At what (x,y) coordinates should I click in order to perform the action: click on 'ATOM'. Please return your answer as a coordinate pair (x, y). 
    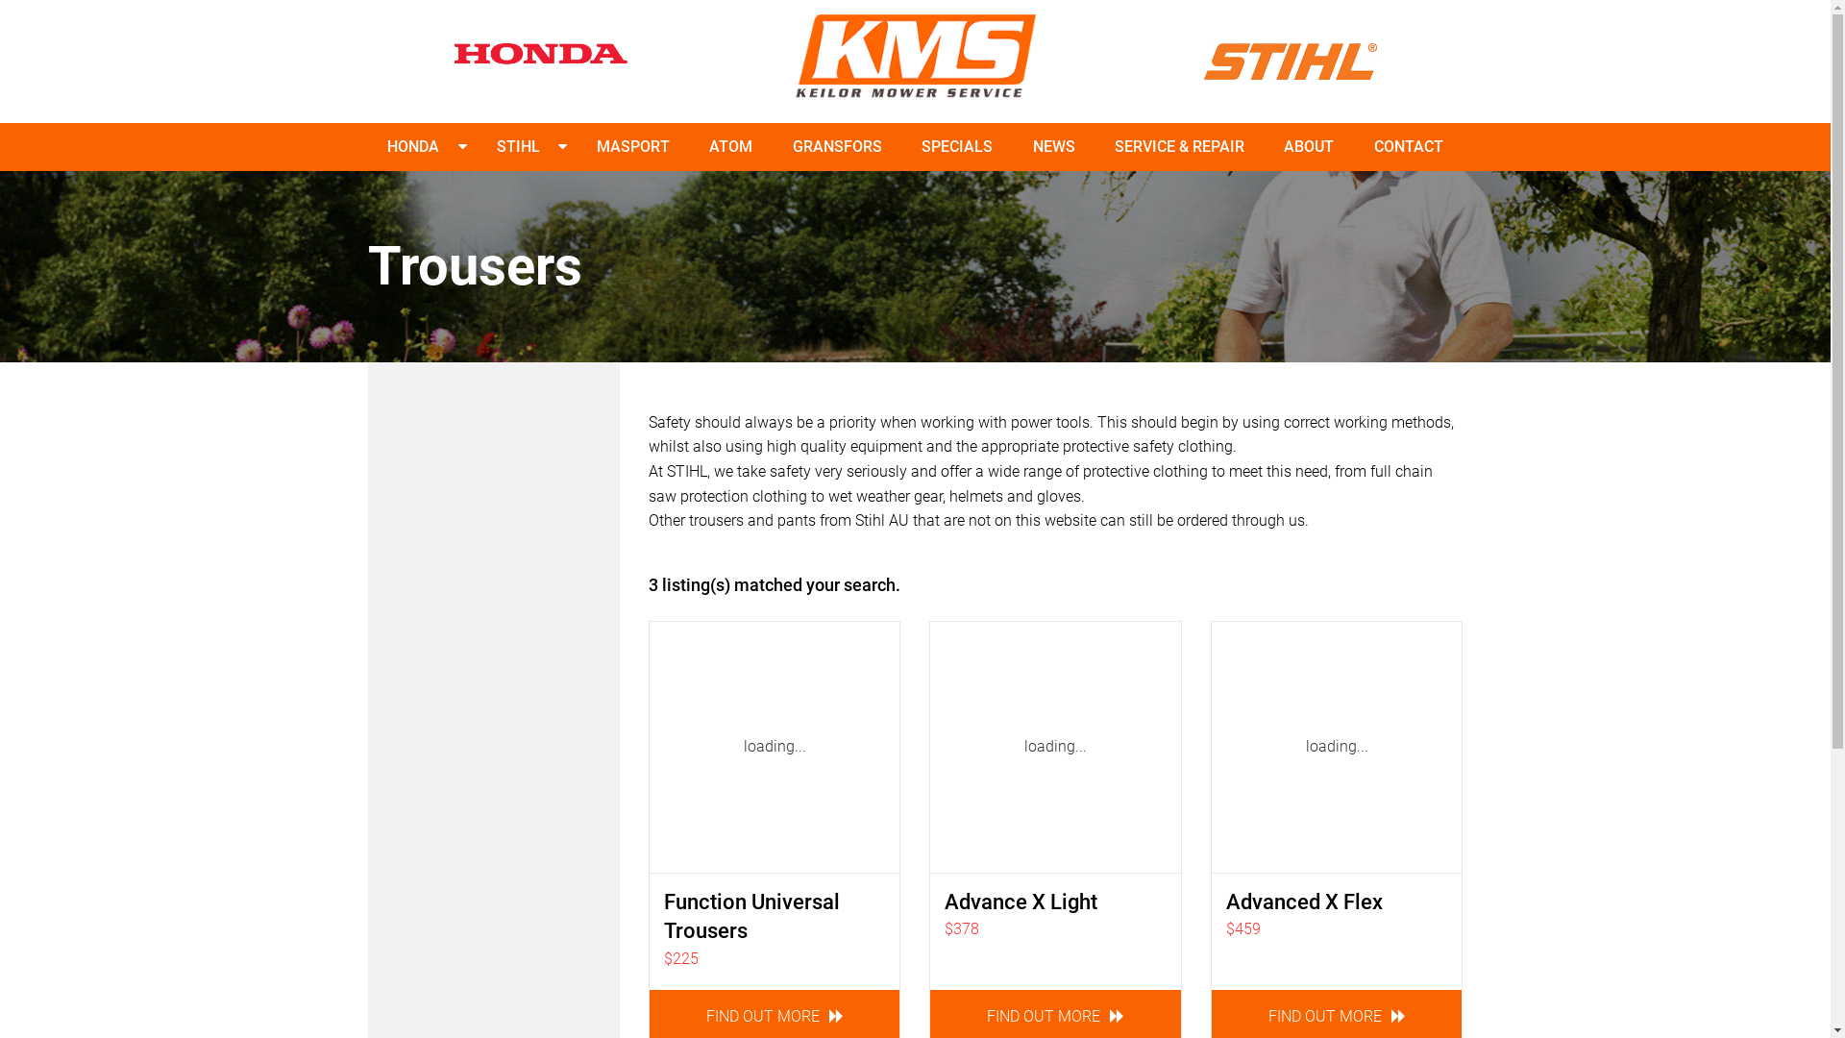
    Looking at the image, I should click on (729, 146).